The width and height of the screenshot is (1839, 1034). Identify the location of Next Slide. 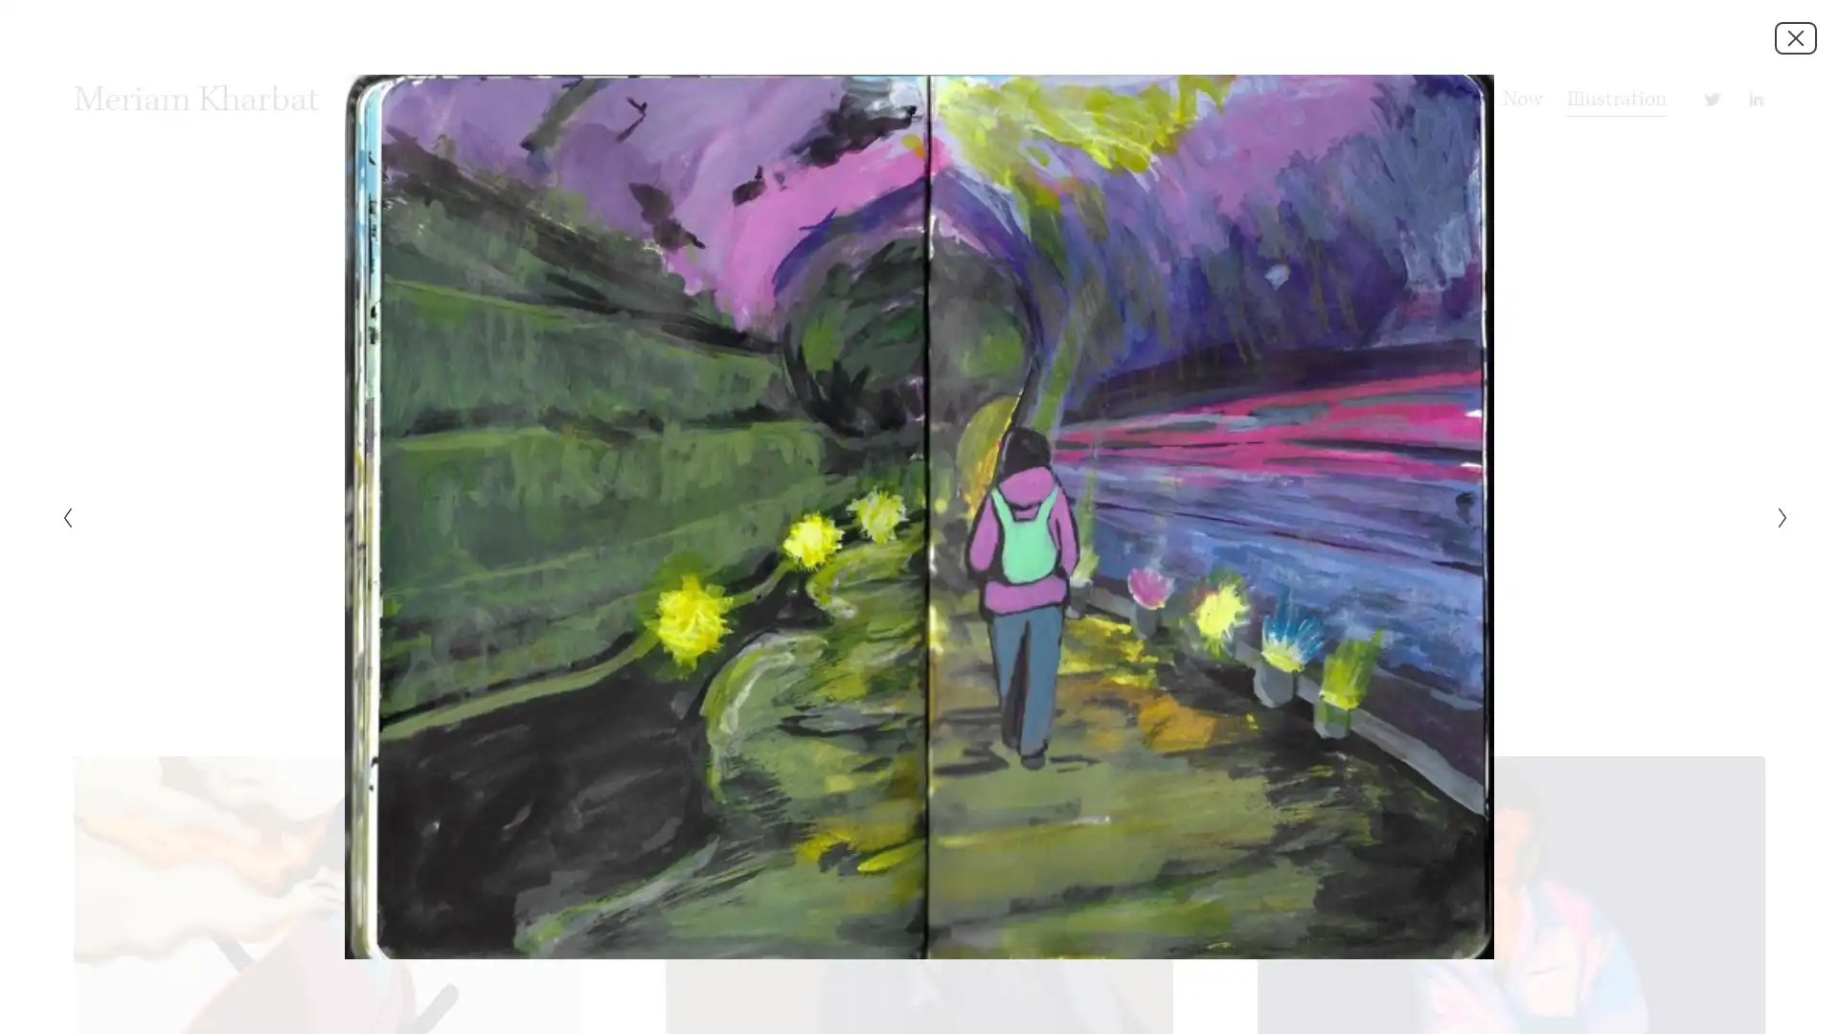
(1776, 517).